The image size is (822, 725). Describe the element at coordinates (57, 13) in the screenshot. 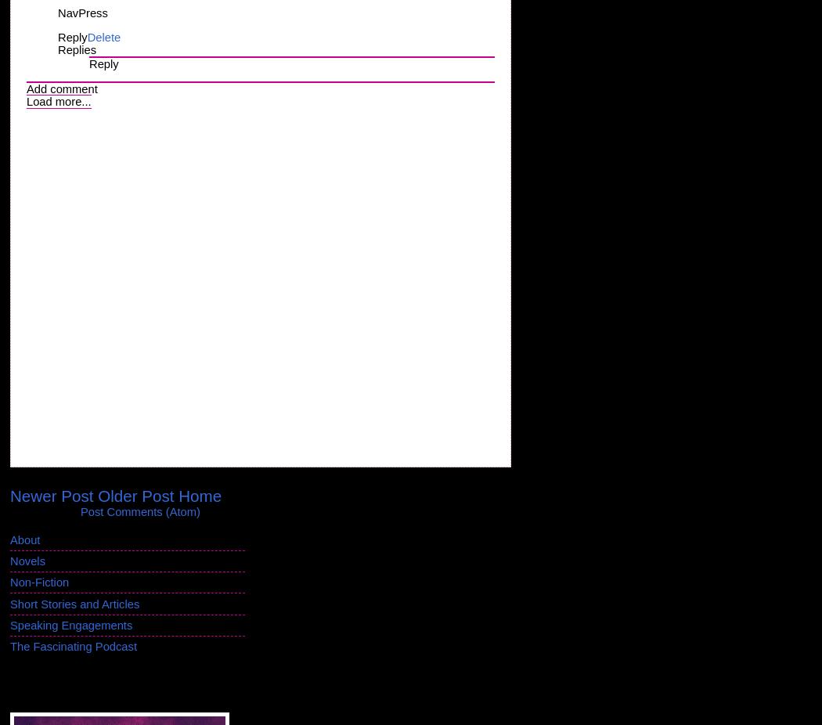

I see `'NavPress'` at that location.